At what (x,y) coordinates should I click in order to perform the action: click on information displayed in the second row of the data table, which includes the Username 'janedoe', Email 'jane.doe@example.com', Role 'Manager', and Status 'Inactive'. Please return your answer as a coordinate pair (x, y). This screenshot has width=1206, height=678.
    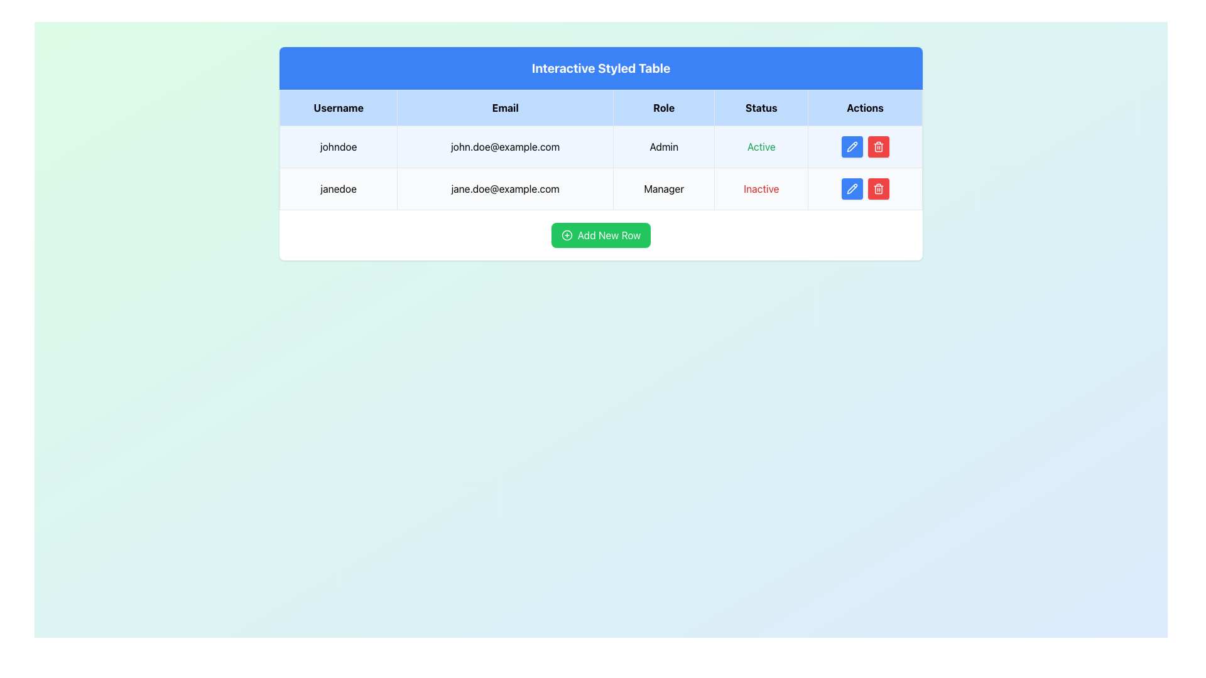
    Looking at the image, I should click on (600, 188).